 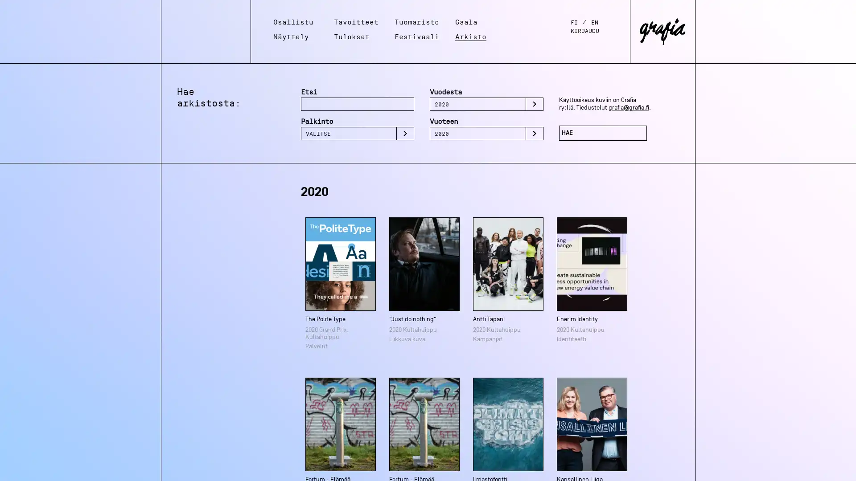 What do you see at coordinates (534, 104) in the screenshot?
I see `>` at bounding box center [534, 104].